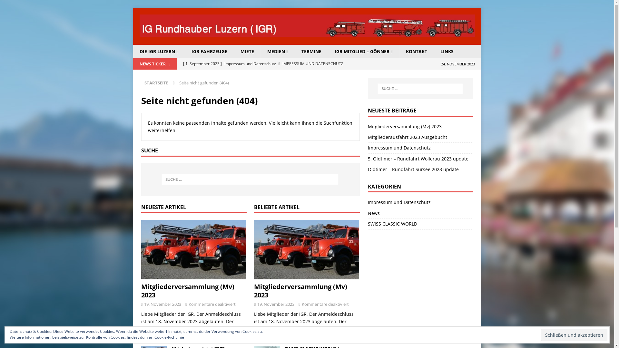 This screenshot has width=619, height=348. I want to click on 'KONTAKT', so click(399, 51).